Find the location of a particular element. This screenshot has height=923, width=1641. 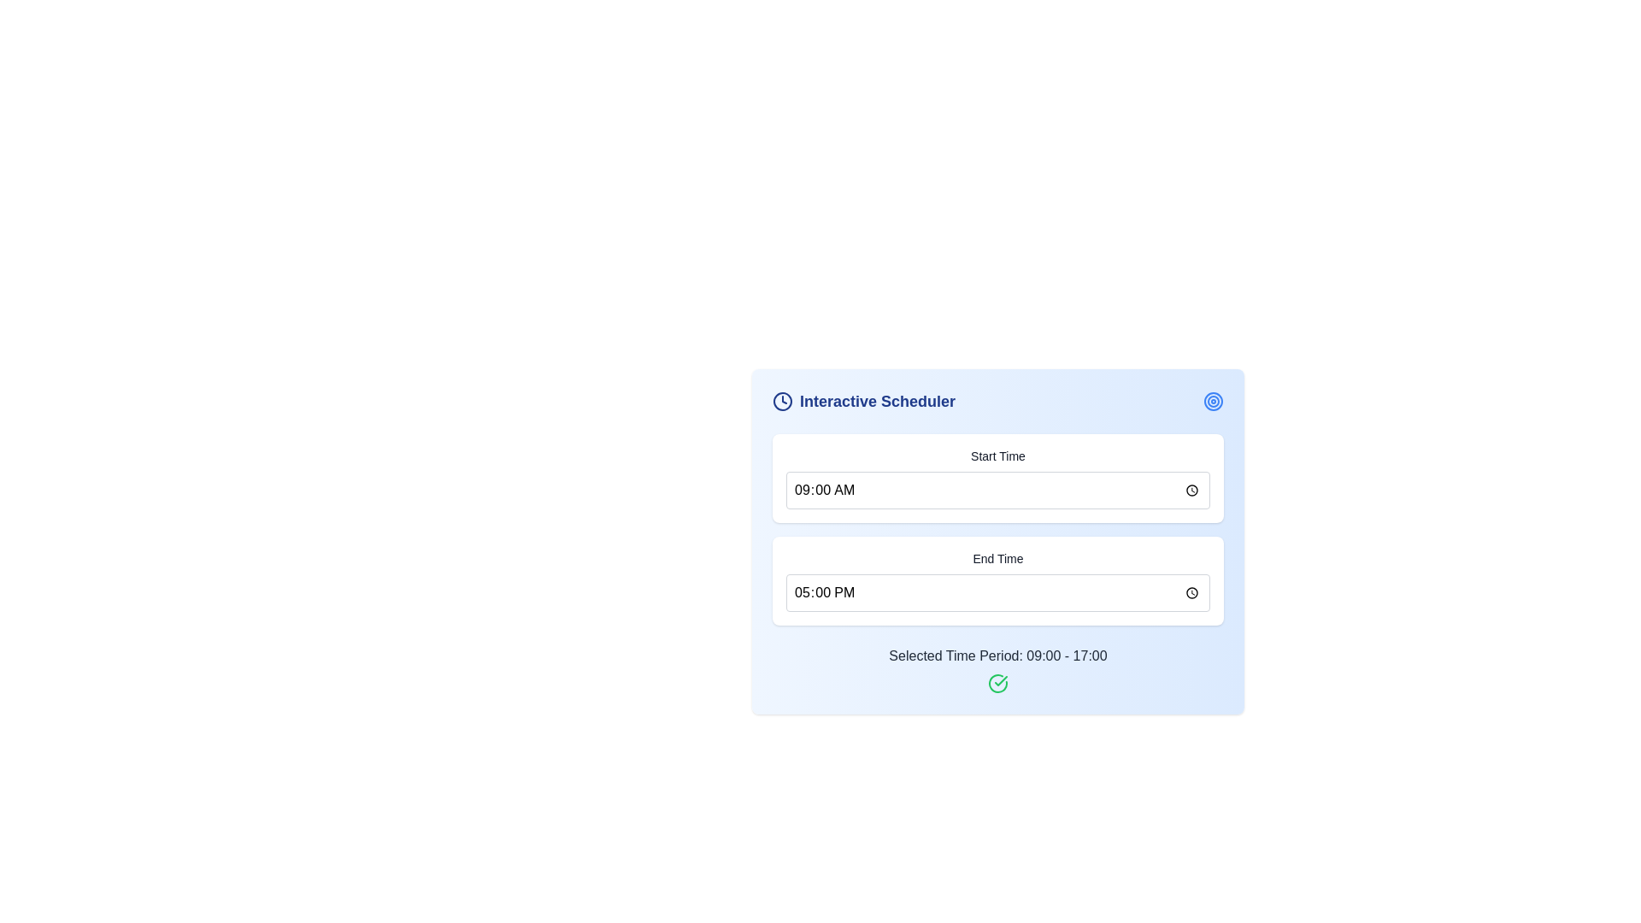

the time-related icon located to the left of the 'Interactive Scheduler' text in the header section is located at coordinates (782, 402).